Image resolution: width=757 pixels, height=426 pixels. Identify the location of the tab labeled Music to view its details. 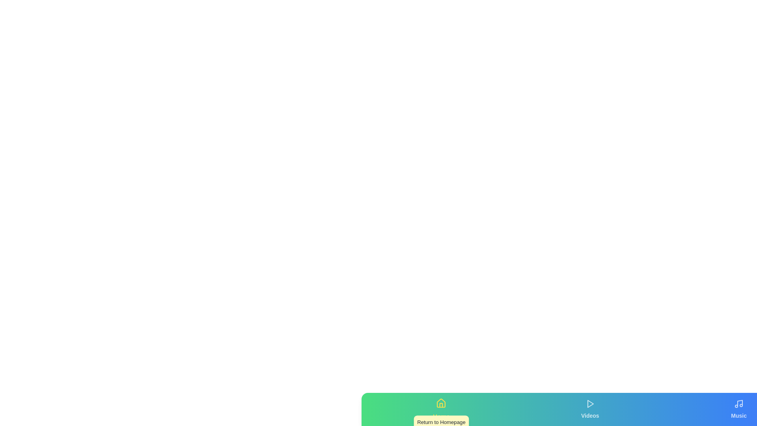
(738, 409).